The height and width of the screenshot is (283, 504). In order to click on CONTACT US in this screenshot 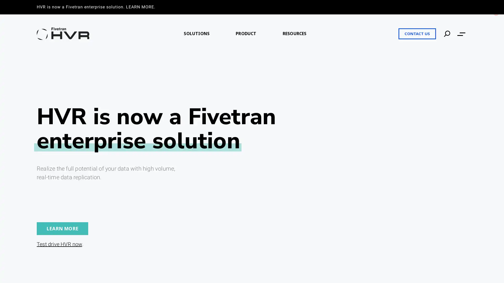, I will do `click(417, 33)`.